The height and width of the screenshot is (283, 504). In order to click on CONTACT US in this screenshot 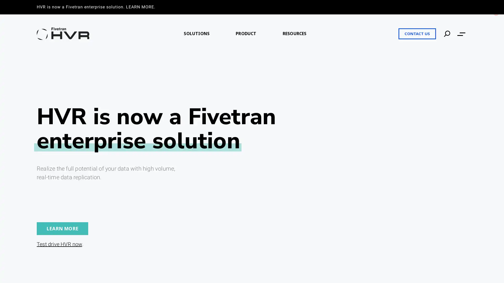, I will do `click(417, 33)`.